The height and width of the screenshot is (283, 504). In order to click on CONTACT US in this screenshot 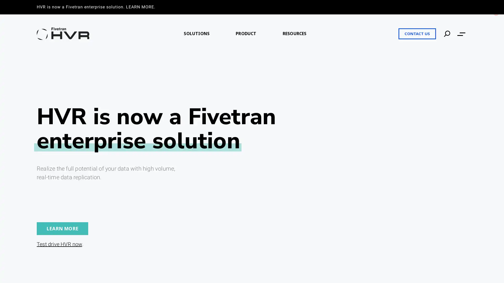, I will do `click(417, 33)`.